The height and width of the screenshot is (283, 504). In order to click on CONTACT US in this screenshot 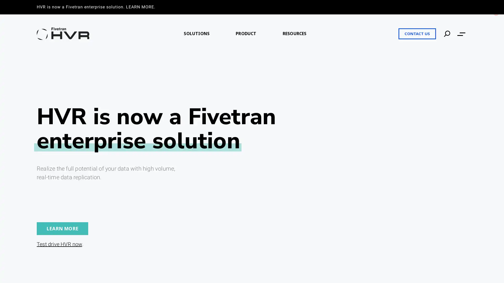, I will do `click(417, 33)`.